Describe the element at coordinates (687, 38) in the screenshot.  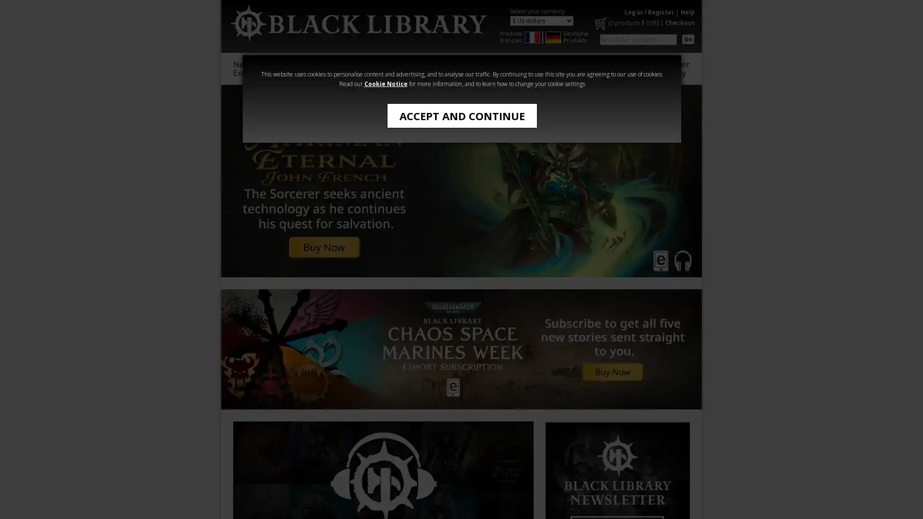
I see `Go` at that location.